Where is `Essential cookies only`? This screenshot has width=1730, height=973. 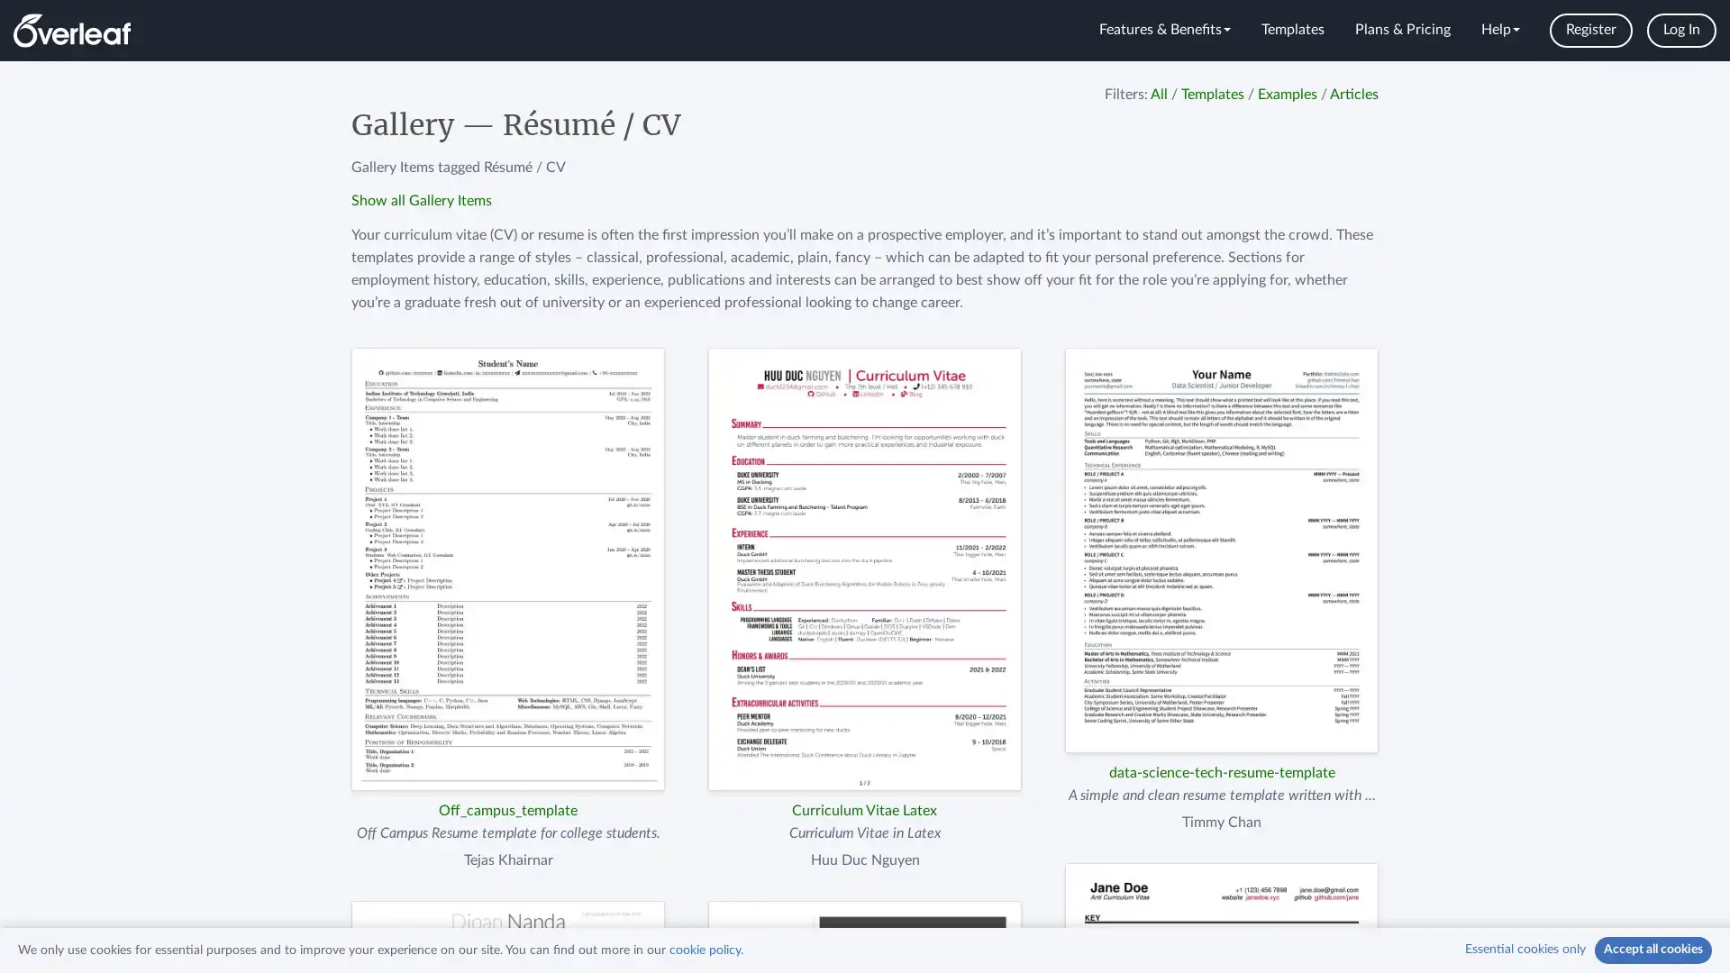 Essential cookies only is located at coordinates (1525, 950).